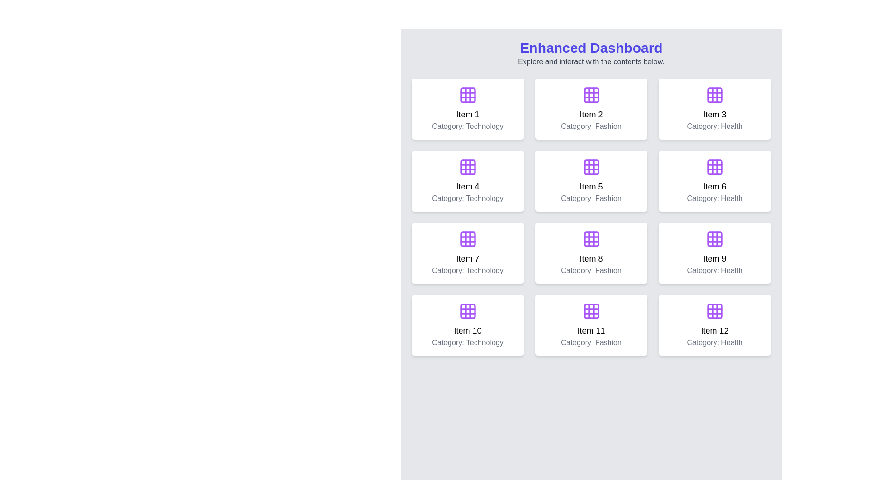 Image resolution: width=888 pixels, height=499 pixels. What do you see at coordinates (468, 95) in the screenshot?
I see `the graphical icon featuring a 3x3 grid outlined in purple, located in the center of the first item card in the dashboard grid above the text 'Item 1' and 'Category: Technology'` at bounding box center [468, 95].